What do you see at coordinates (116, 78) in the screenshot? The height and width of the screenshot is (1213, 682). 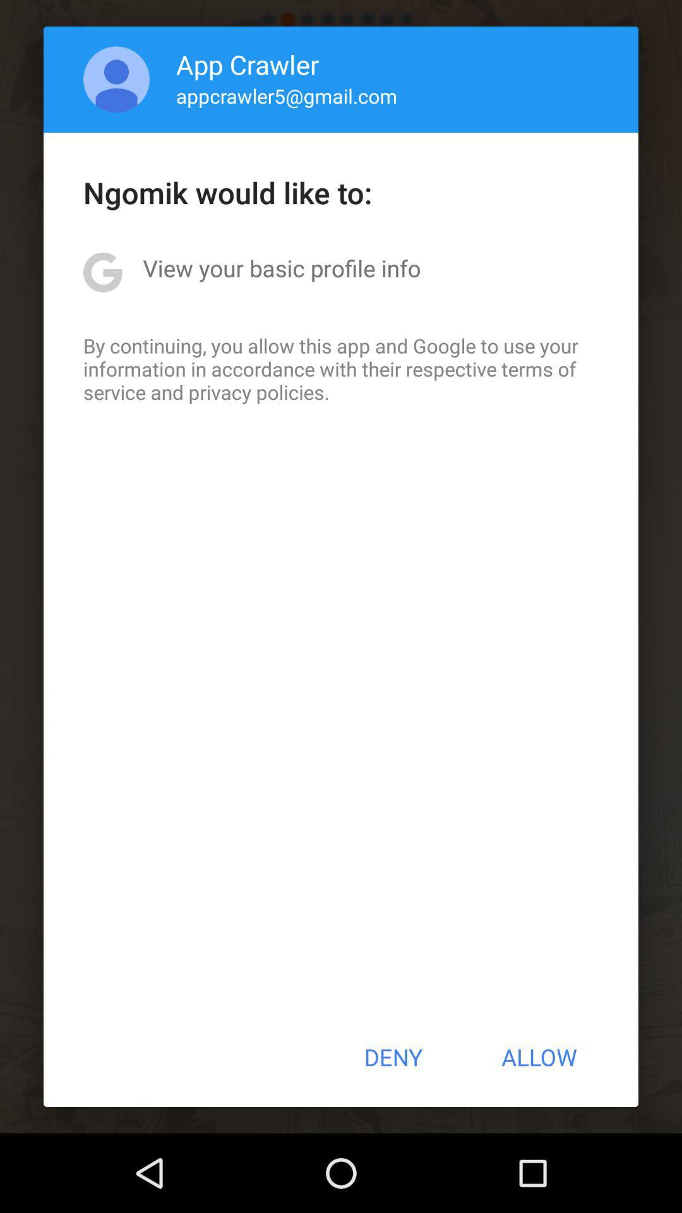 I see `the item next to app crawler icon` at bounding box center [116, 78].